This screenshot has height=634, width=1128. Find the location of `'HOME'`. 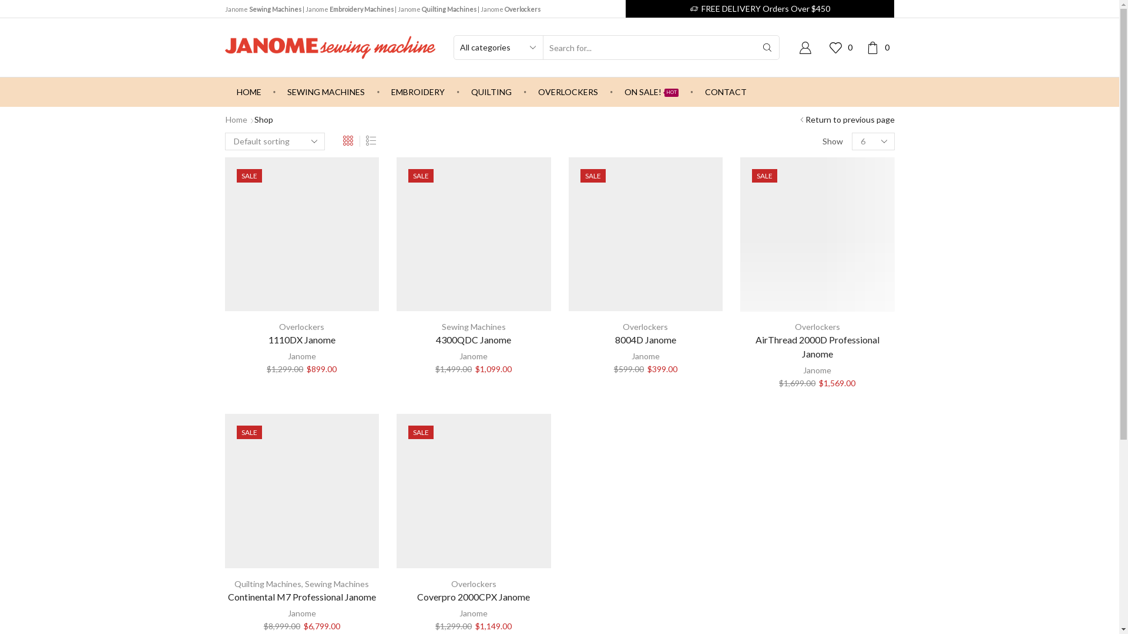

'HOME' is located at coordinates (247, 92).